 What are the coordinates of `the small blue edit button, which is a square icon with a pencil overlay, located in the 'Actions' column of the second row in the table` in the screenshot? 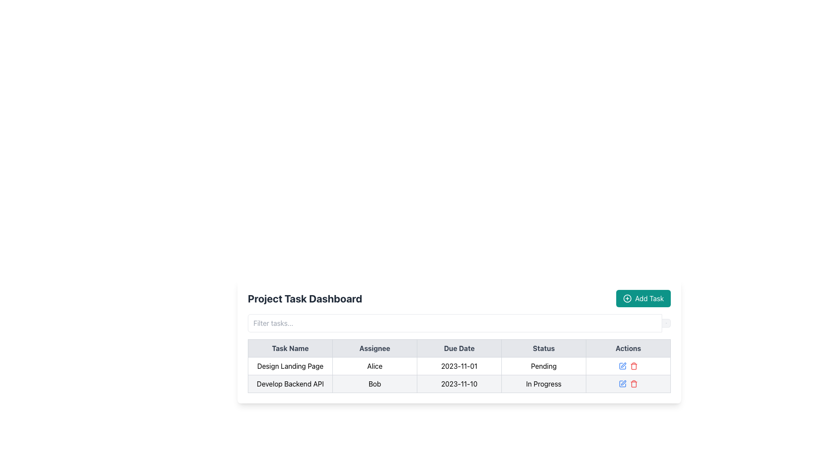 It's located at (622, 383).